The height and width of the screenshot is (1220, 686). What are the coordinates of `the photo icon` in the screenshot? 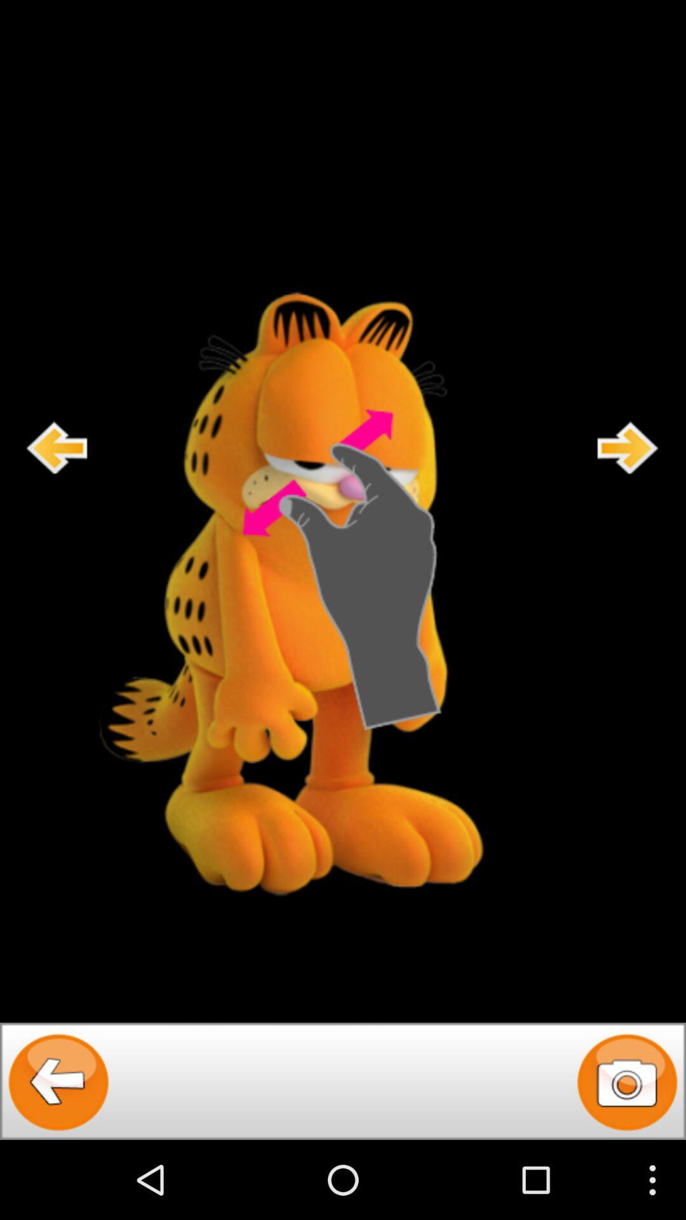 It's located at (626, 1157).